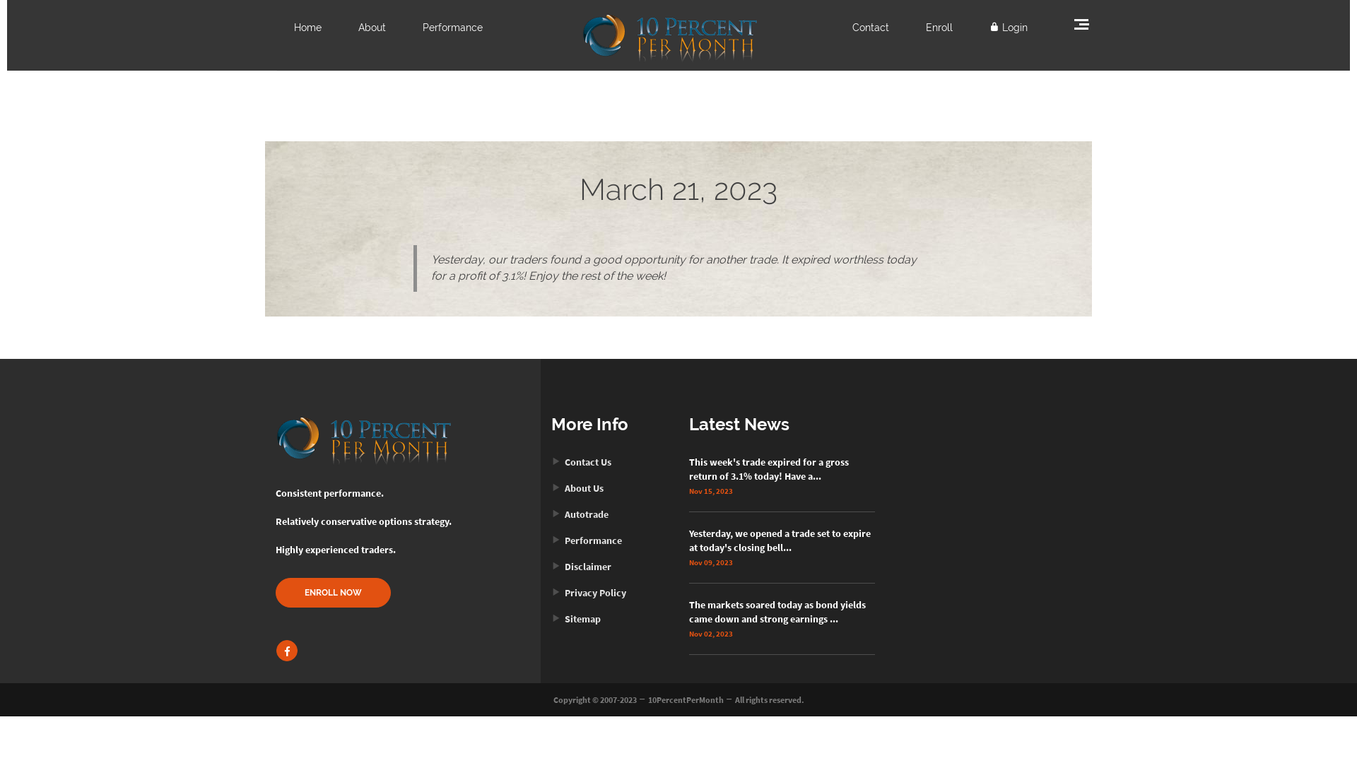  Describe the element at coordinates (580, 514) in the screenshot. I see `'Autotrade'` at that location.